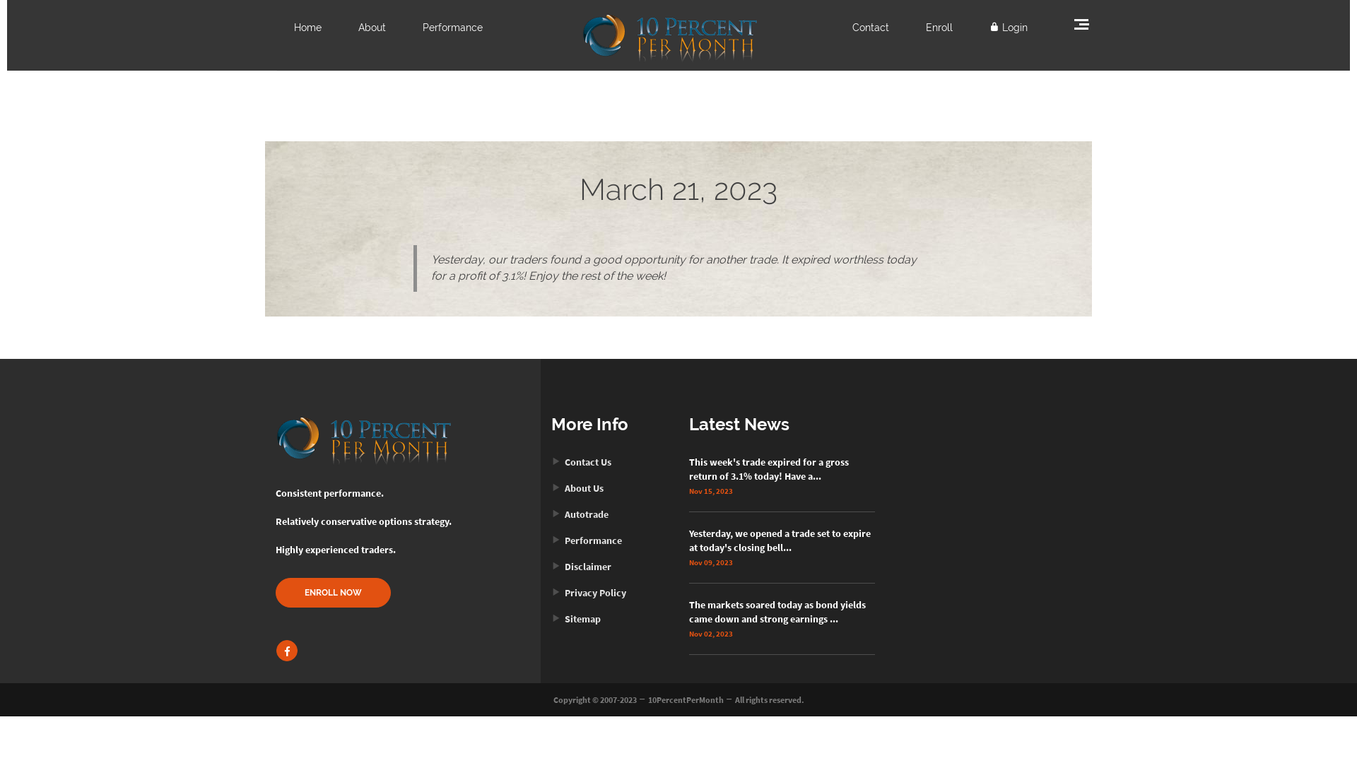  Describe the element at coordinates (580, 514) in the screenshot. I see `'Autotrade'` at that location.